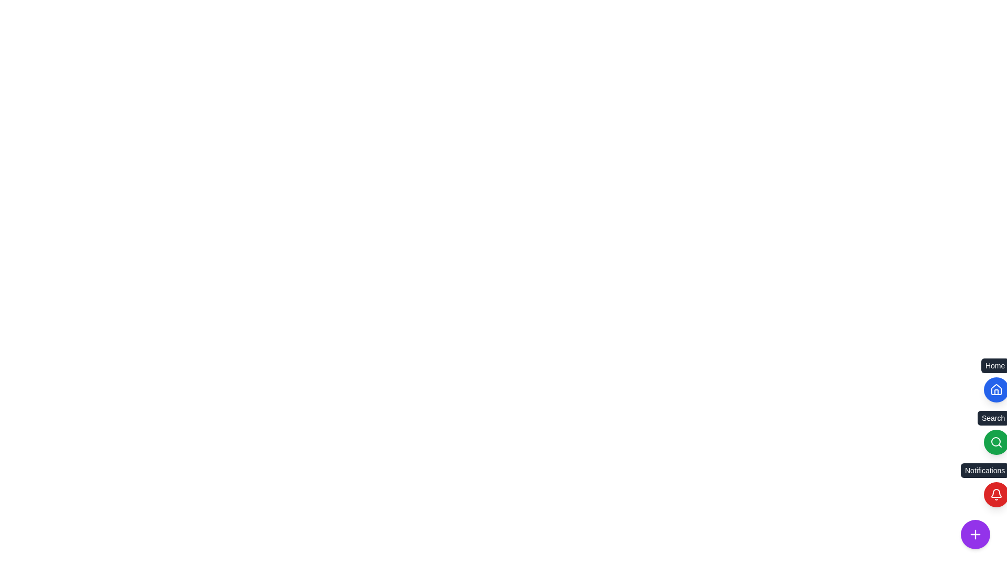  What do you see at coordinates (996, 495) in the screenshot?
I see `the notification icon located on the right side of the interface, positioned between the green search button above and the purple action button below` at bounding box center [996, 495].